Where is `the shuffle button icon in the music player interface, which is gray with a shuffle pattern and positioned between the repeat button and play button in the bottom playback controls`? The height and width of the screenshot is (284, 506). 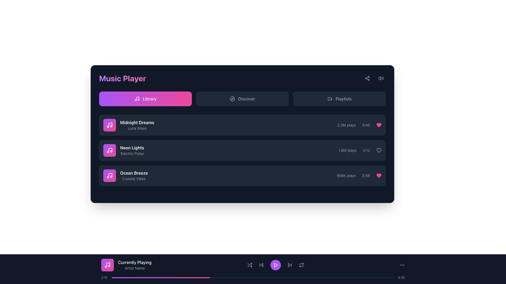 the shuffle button icon in the music player interface, which is gray with a shuffle pattern and positioned between the repeat button and play button in the bottom playback controls is located at coordinates (249, 265).